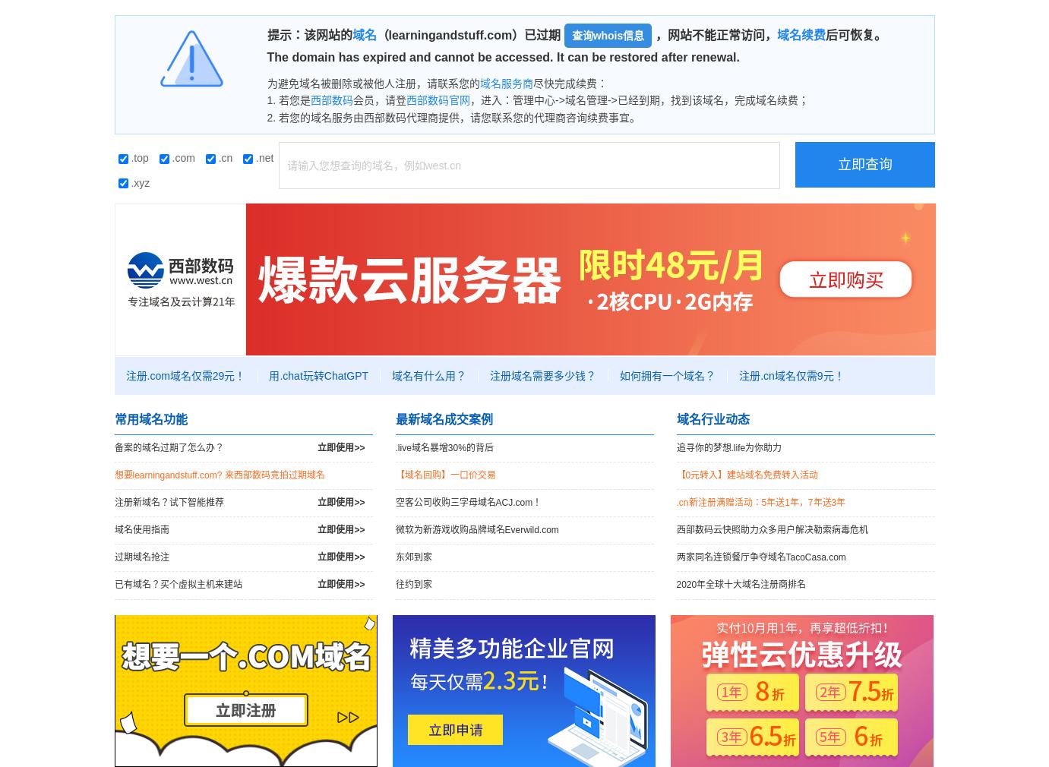  What do you see at coordinates (467, 501) in the screenshot?
I see `'空客公司收购三字母域名ACJ.com！'` at bounding box center [467, 501].